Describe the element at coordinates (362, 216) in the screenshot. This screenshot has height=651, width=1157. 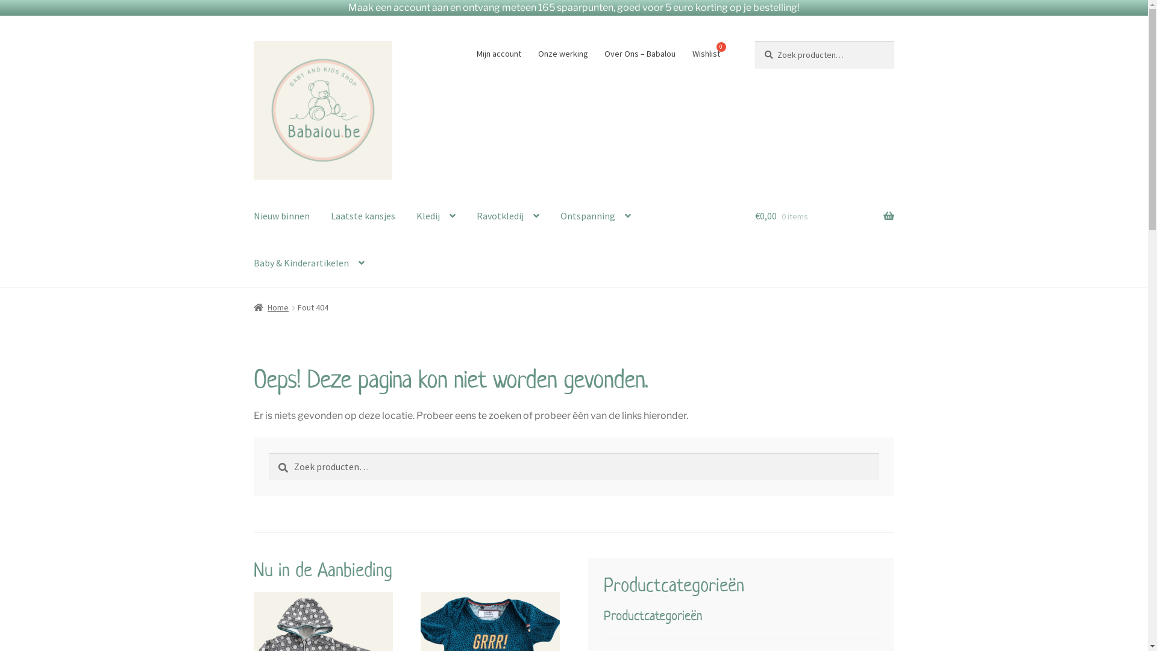
I see `'Laatste kansjes'` at that location.